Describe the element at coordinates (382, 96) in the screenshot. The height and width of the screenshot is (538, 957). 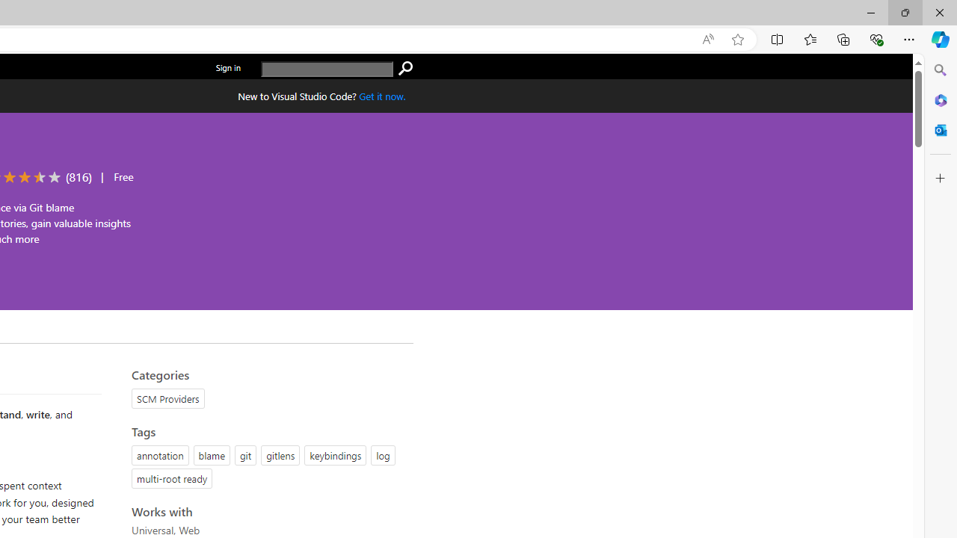
I see `'Get Visual Studio Code Now'` at that location.